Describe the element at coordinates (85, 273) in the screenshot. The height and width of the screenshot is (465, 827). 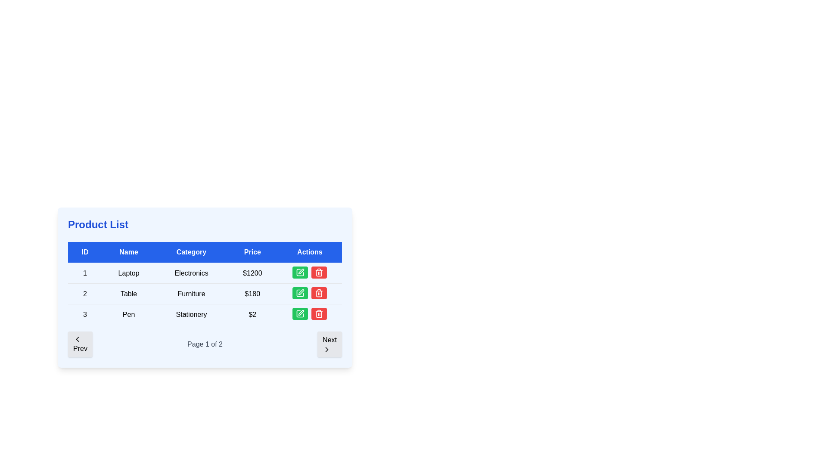
I see `the numeral '1' in bold, black font located in the first cell of the 'ID' column in the table corresponding to the first product entry ('Laptop')` at that location.